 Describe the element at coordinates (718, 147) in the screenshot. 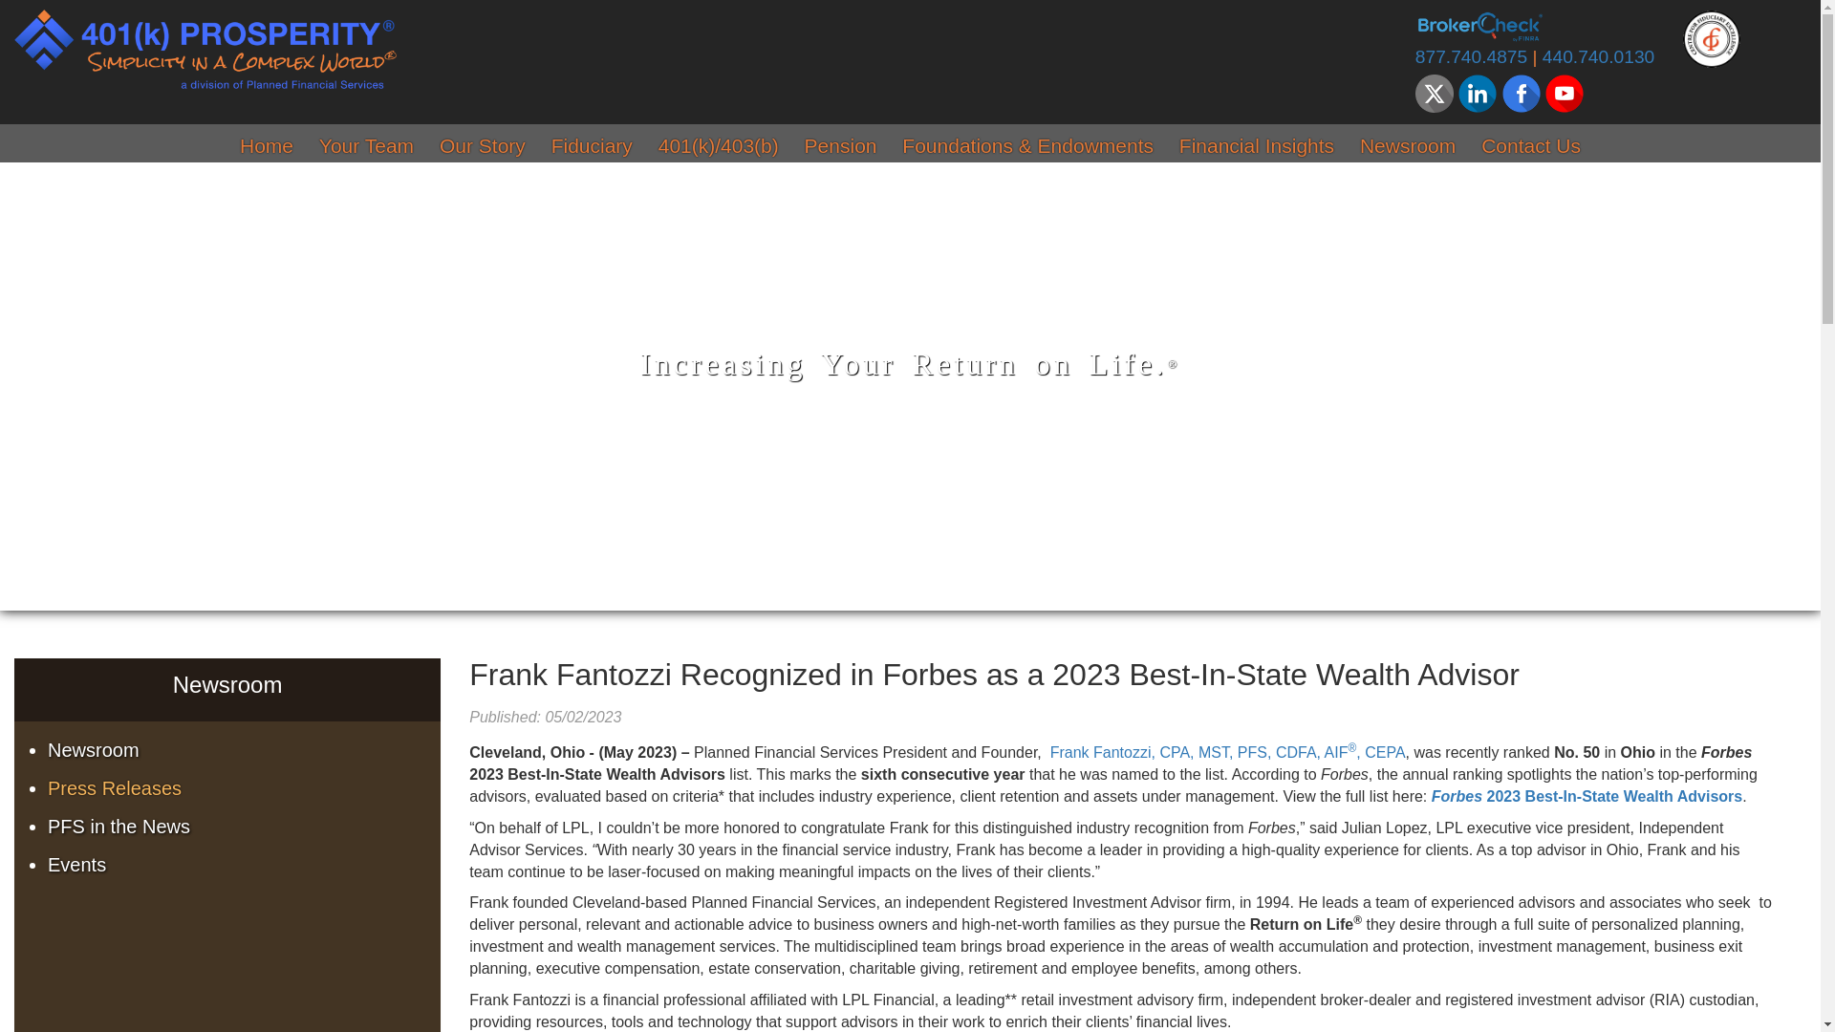

I see `'401(k)/403(b)'` at that location.